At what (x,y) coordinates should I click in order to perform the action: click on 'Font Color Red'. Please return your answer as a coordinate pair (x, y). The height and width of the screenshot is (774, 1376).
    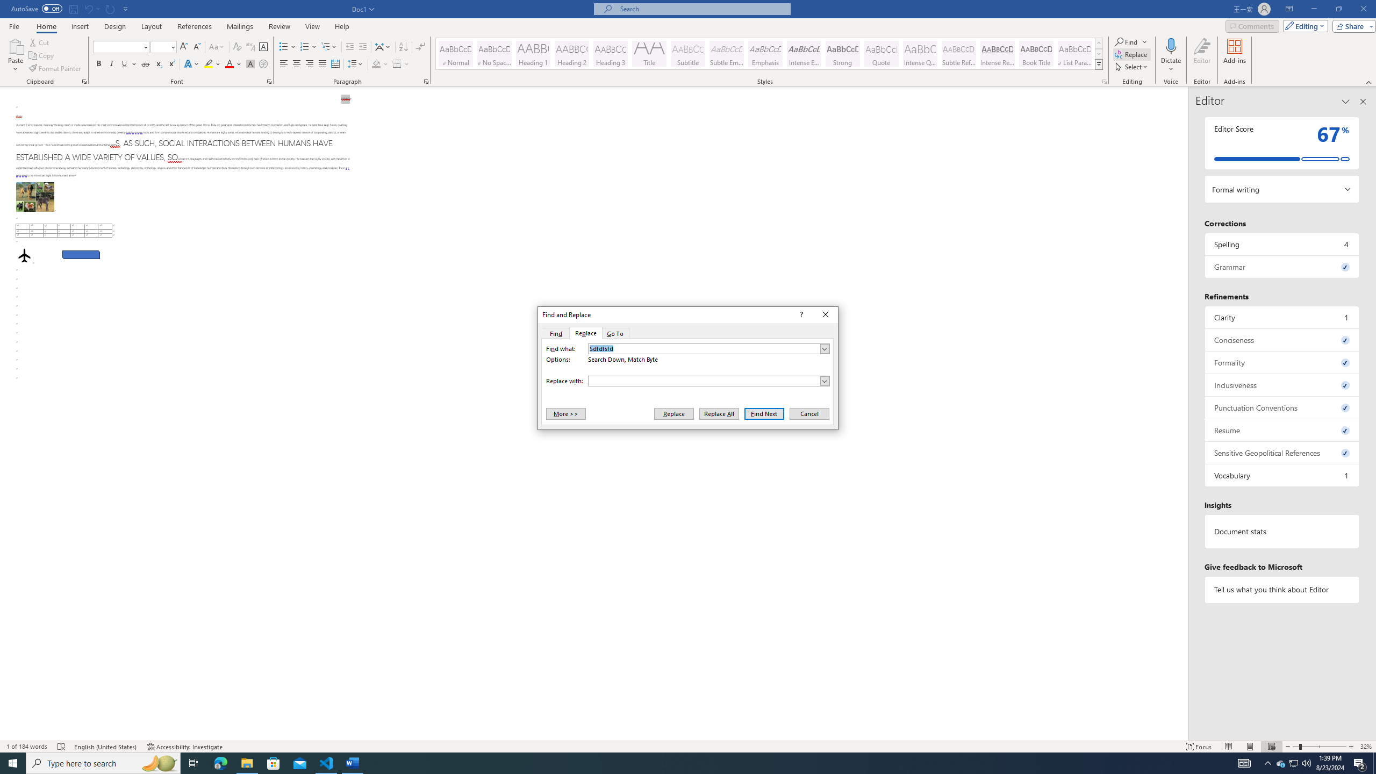
    Looking at the image, I should click on (228, 63).